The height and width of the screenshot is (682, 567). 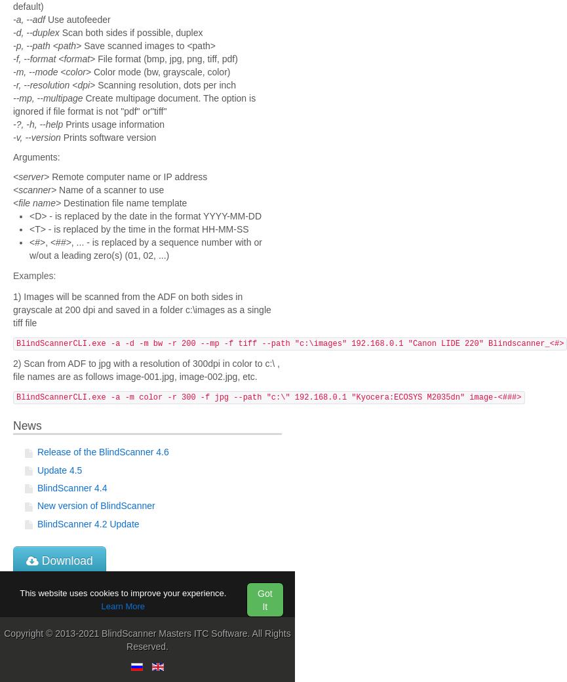 I want to click on '<#>, <##>, ... - is replaced by a sequence number with or w/out a leading zero(s) (01, 02, ...)', so click(x=29, y=248).